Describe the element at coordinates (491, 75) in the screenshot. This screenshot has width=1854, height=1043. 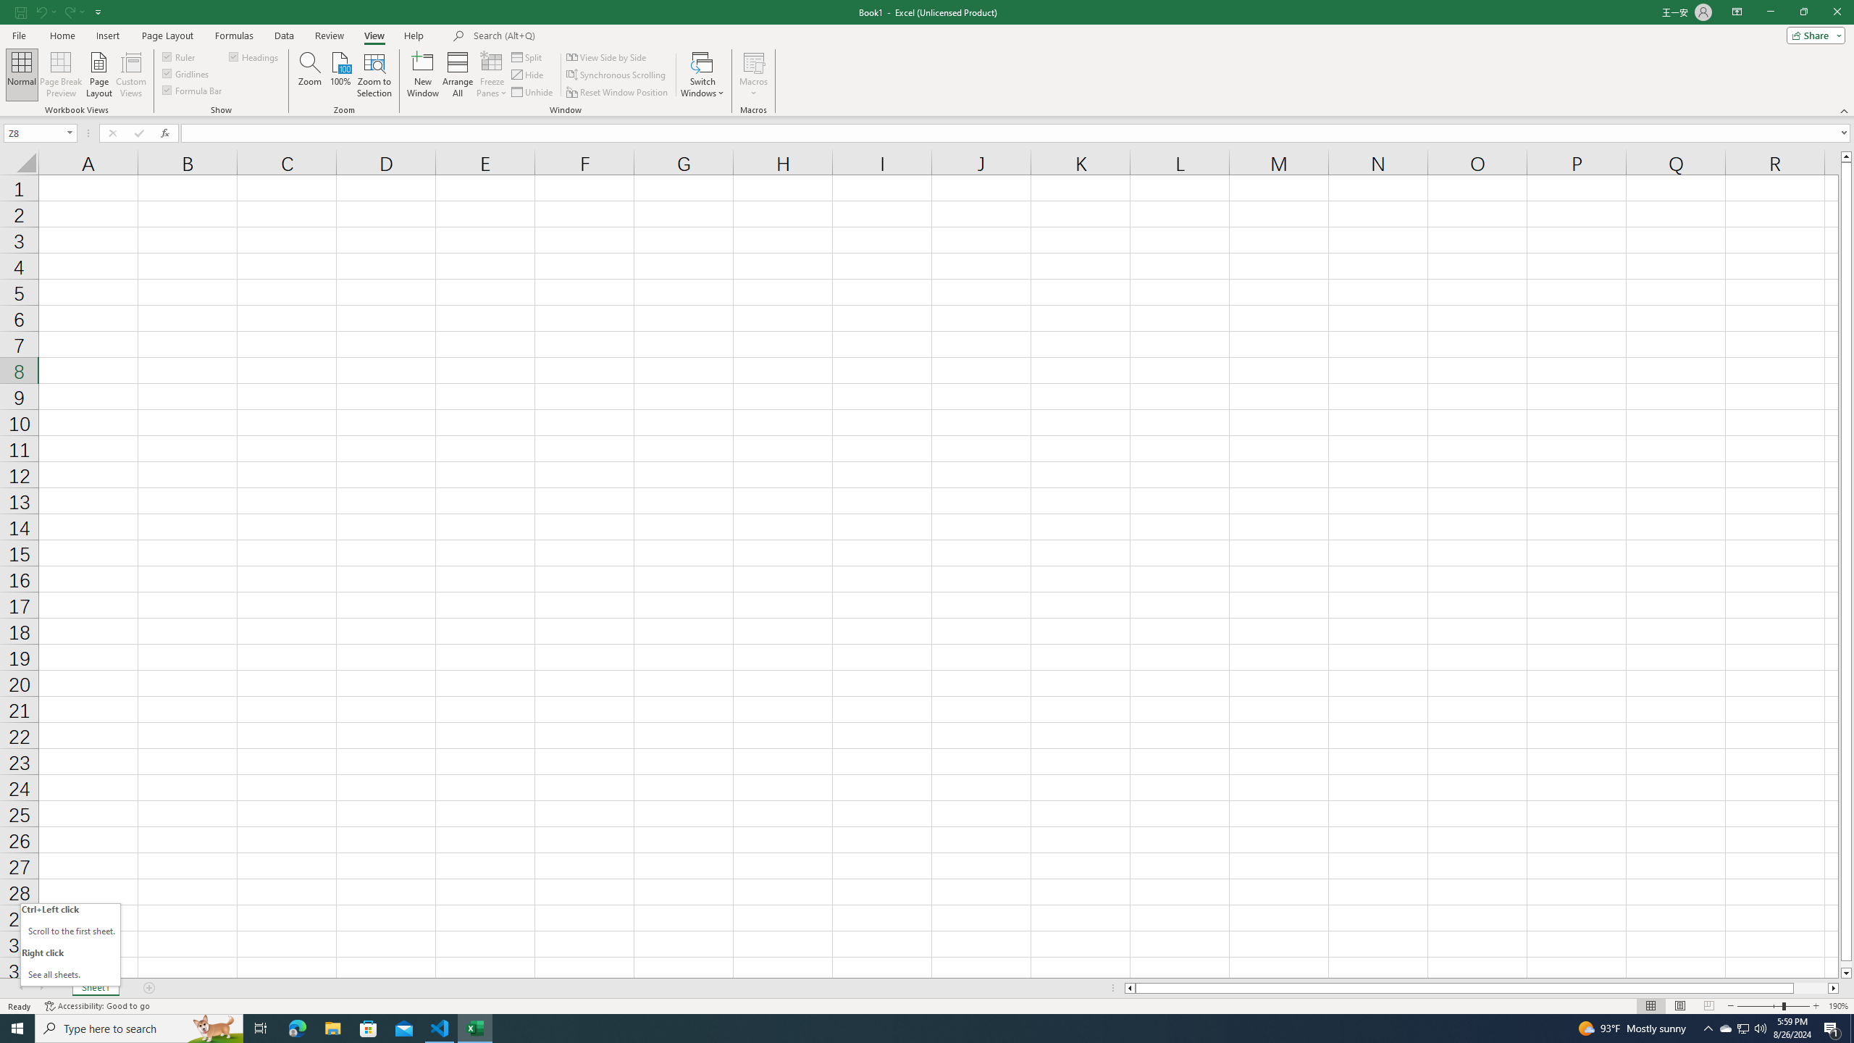
I see `'Freeze Panes'` at that location.